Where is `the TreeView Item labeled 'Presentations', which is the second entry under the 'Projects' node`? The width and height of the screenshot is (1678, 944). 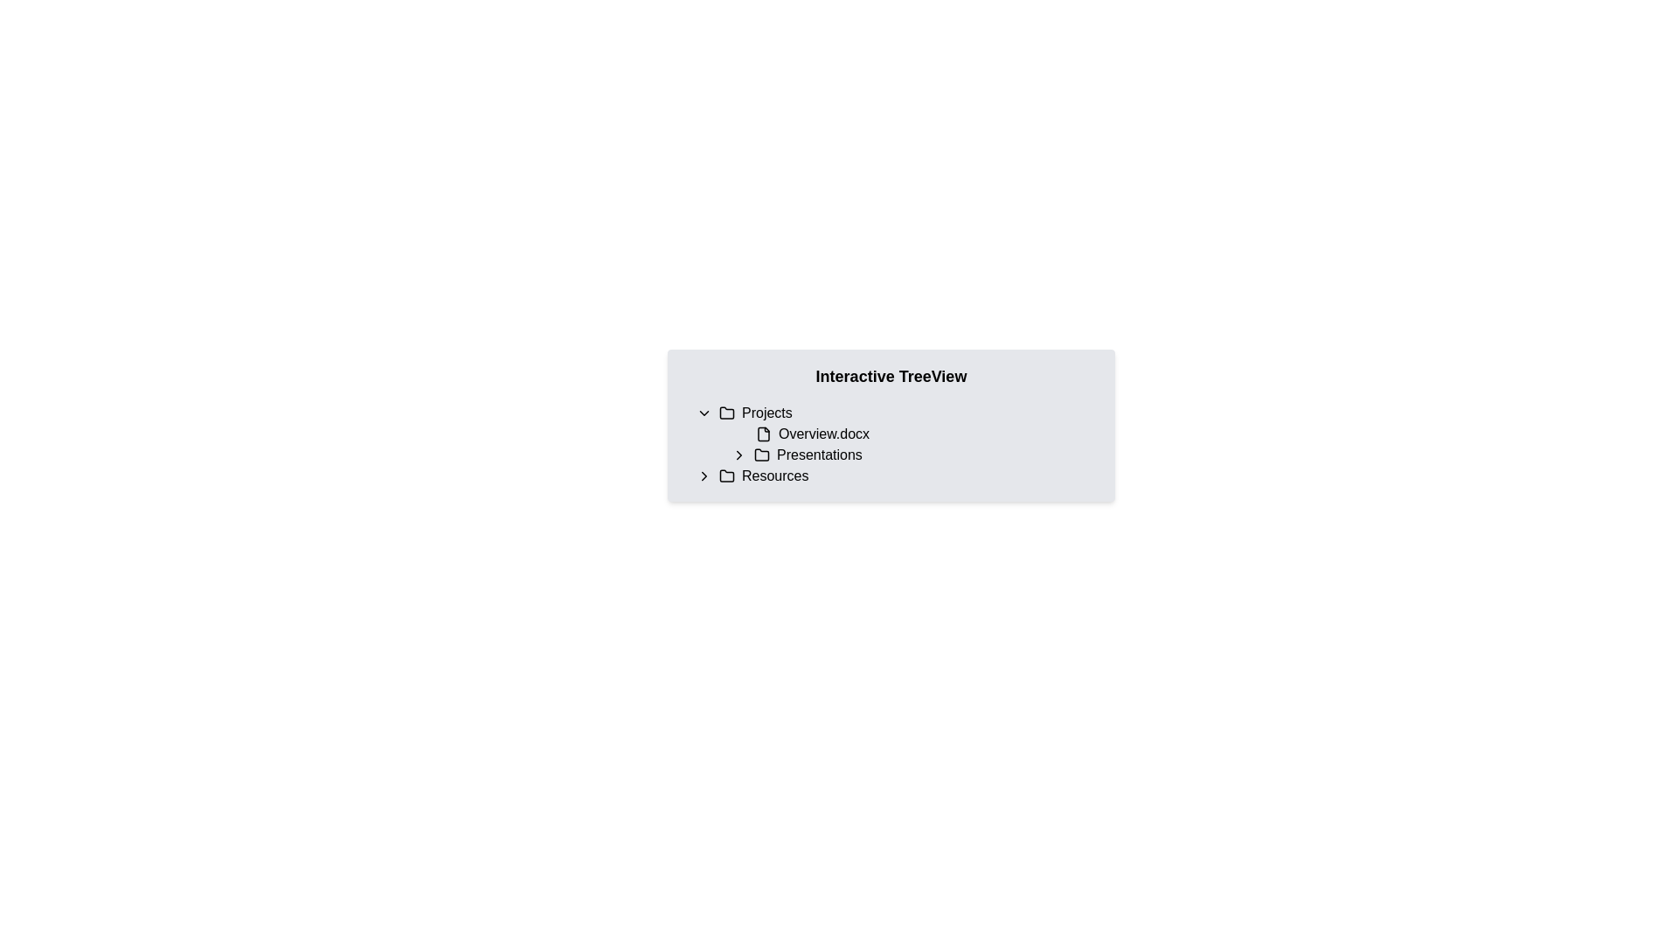
the TreeView Item labeled 'Presentations', which is the second entry under the 'Projects' node is located at coordinates (909, 454).